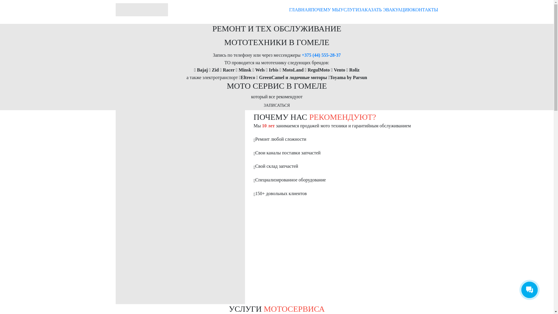 The width and height of the screenshot is (558, 314). Describe the element at coordinates (321, 55) in the screenshot. I see `'+375 (44) 555-28-37'` at that location.